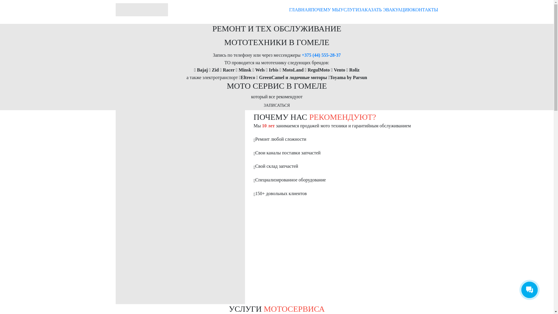 The width and height of the screenshot is (558, 314). Describe the element at coordinates (321, 55) in the screenshot. I see `'+375 (44) 555-28-37'` at that location.